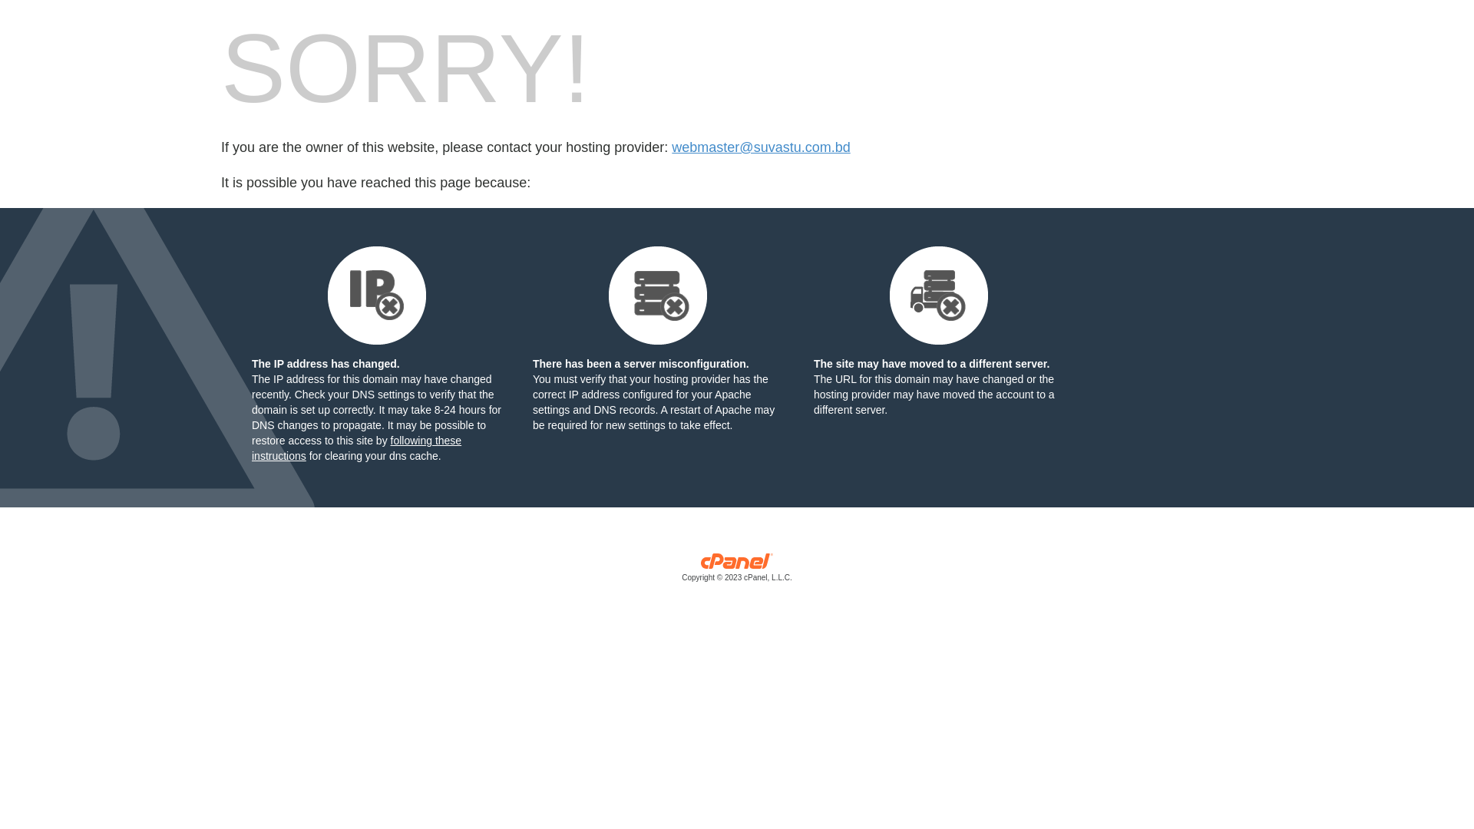  I want to click on 'webmaster@suvastu.com.bd', so click(760, 147).